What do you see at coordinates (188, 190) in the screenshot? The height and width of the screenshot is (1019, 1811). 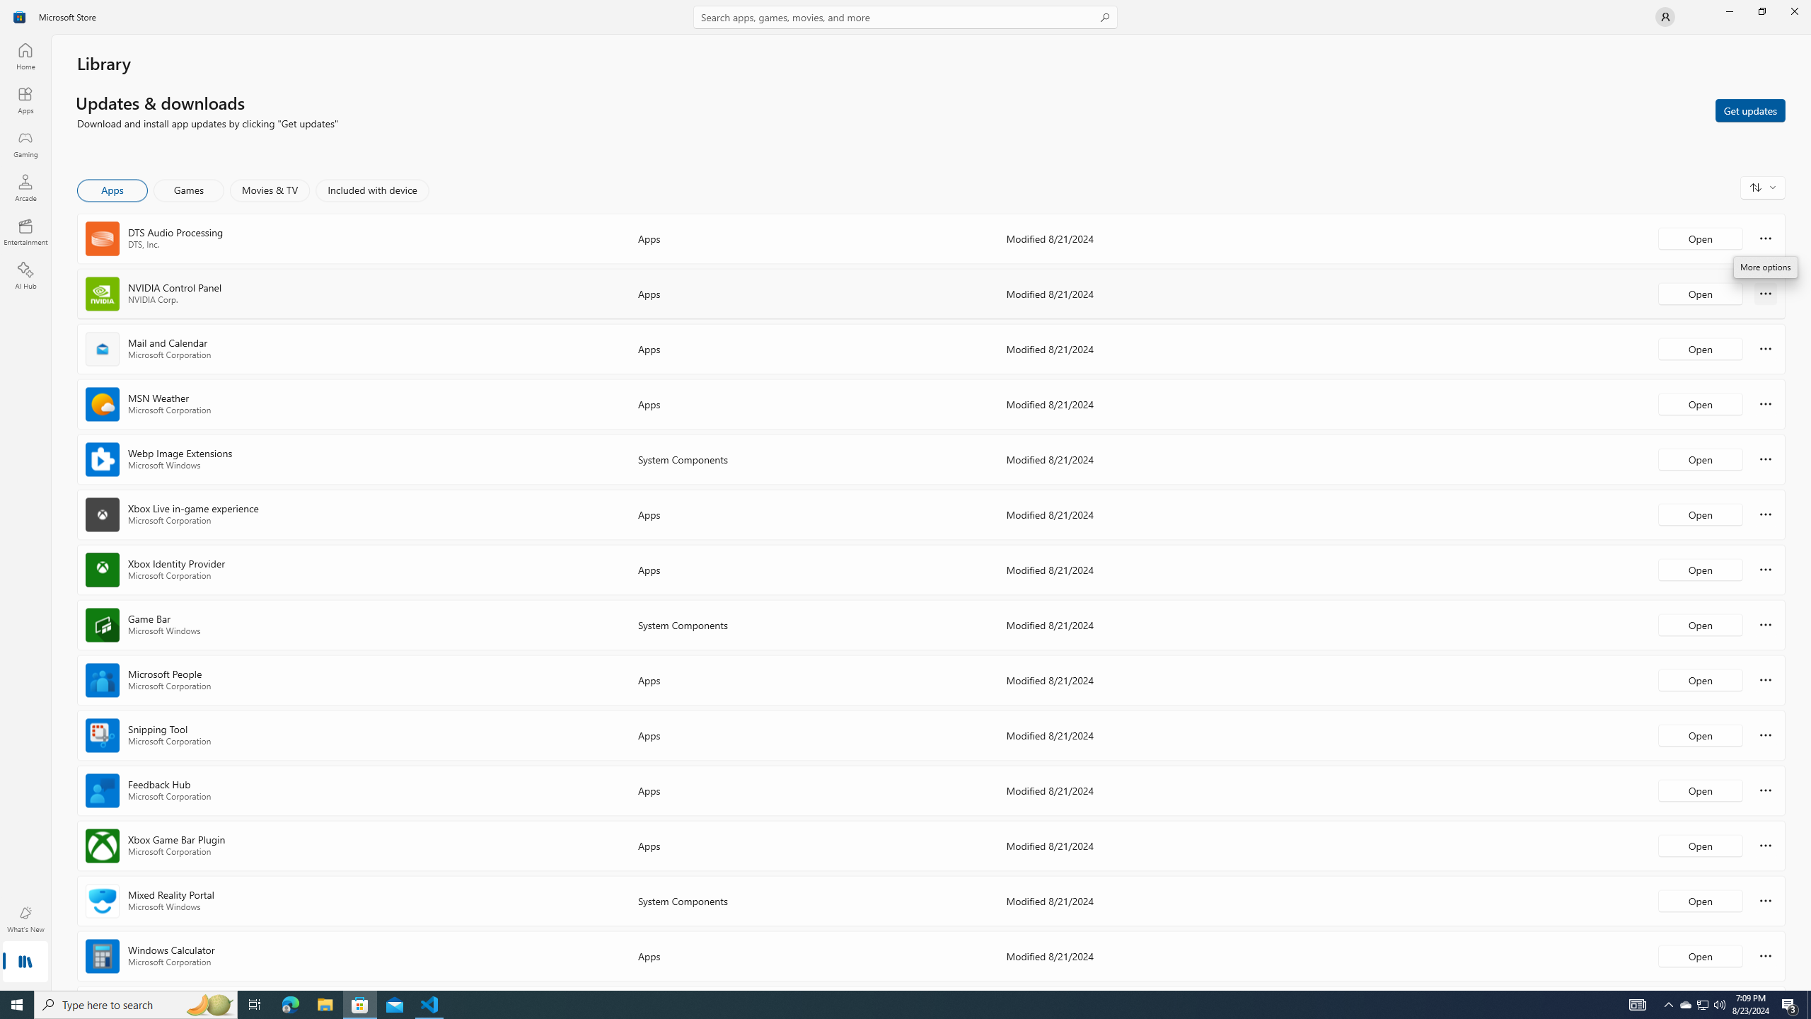 I see `'Games'` at bounding box center [188, 190].